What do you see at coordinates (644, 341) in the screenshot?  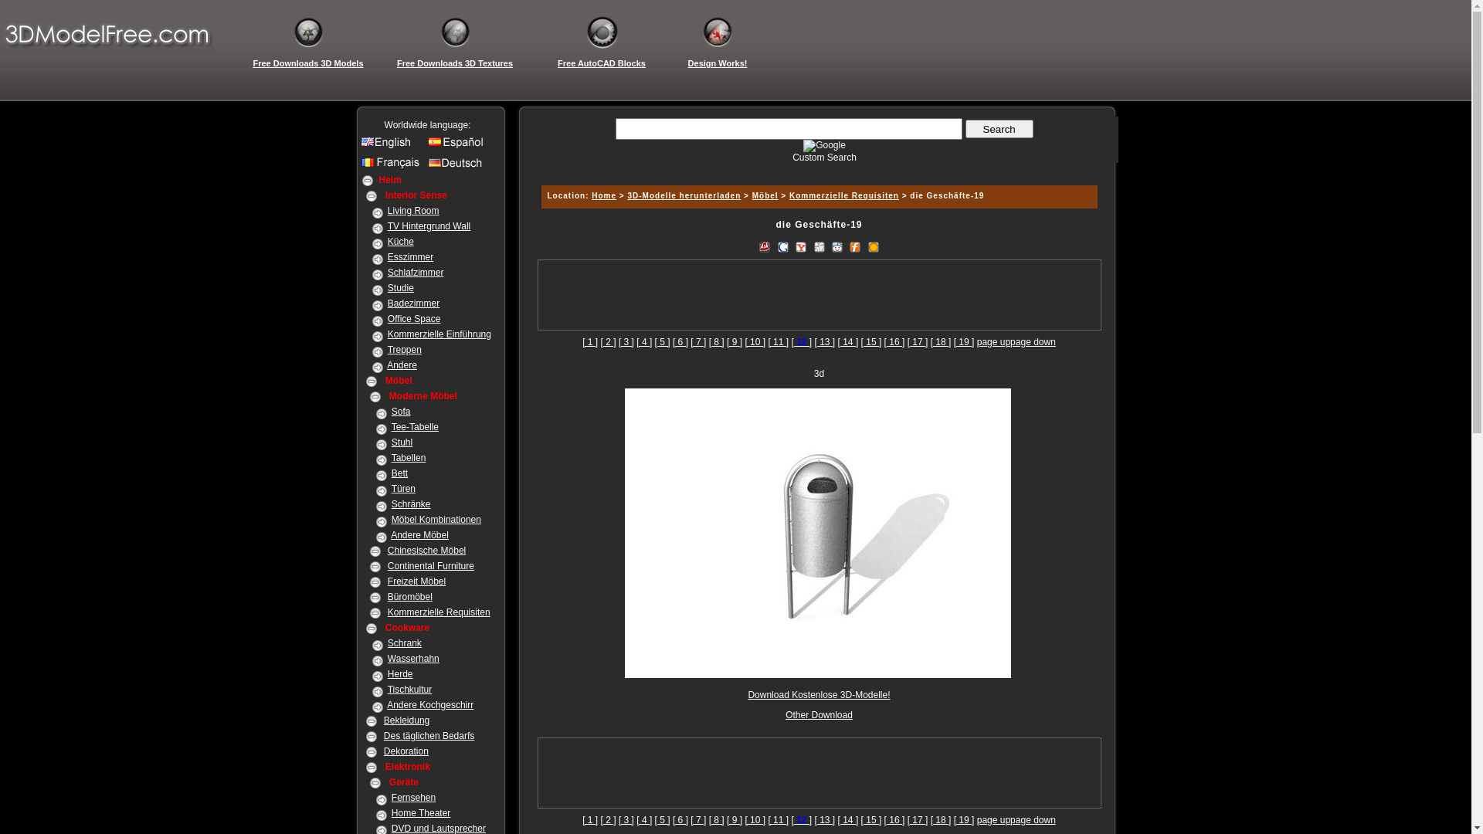 I see `'[ 4 ]'` at bounding box center [644, 341].